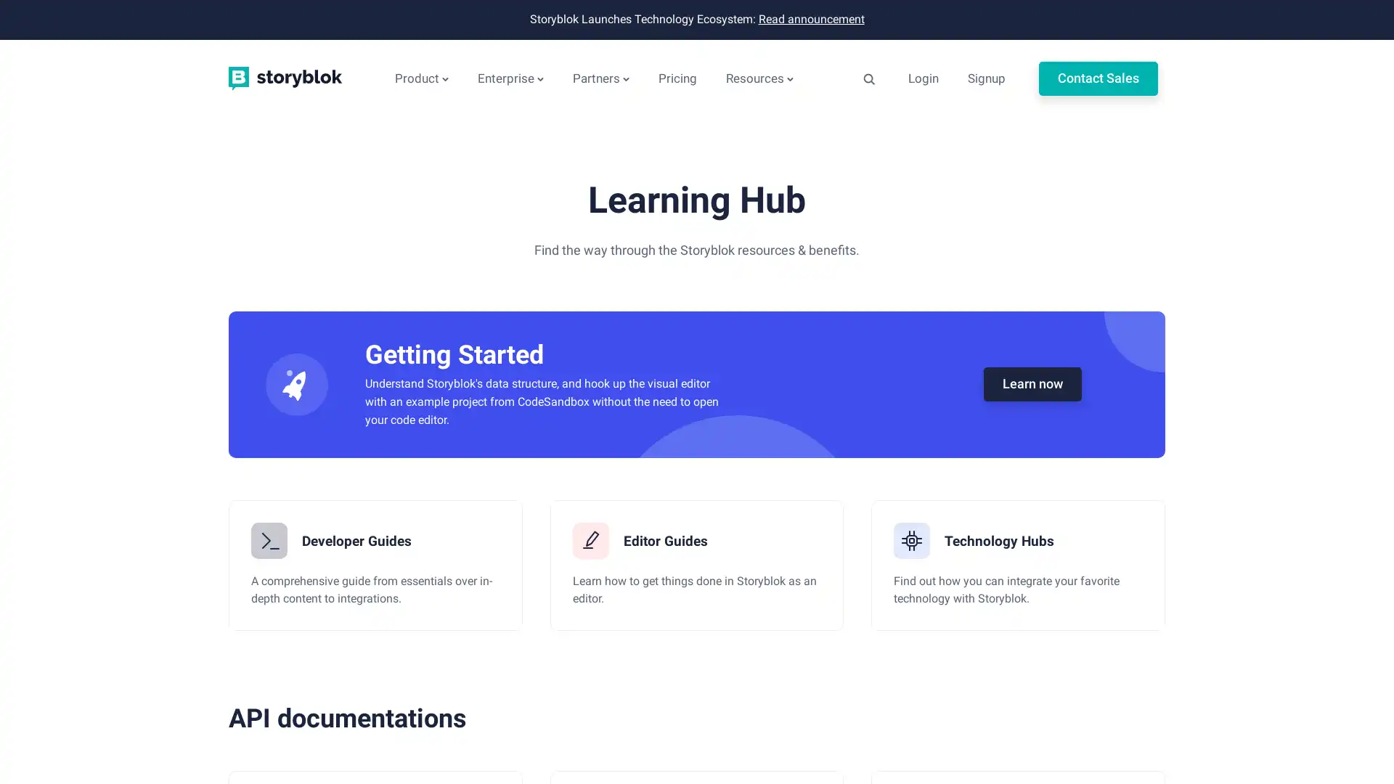  What do you see at coordinates (601, 78) in the screenshot?
I see `Partners` at bounding box center [601, 78].